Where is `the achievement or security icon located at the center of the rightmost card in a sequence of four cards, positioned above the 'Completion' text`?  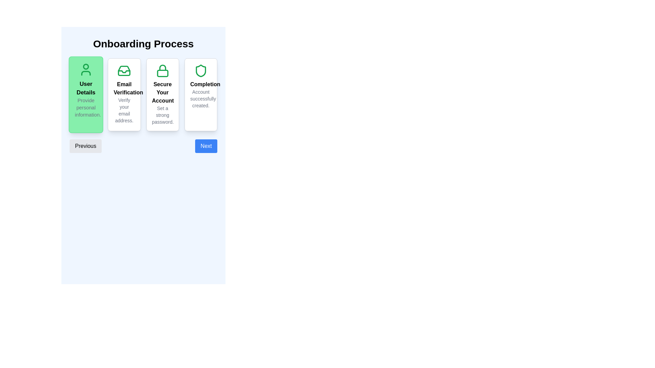
the achievement or security icon located at the center of the rightmost card in a sequence of four cards, positioned above the 'Completion' text is located at coordinates (200, 71).